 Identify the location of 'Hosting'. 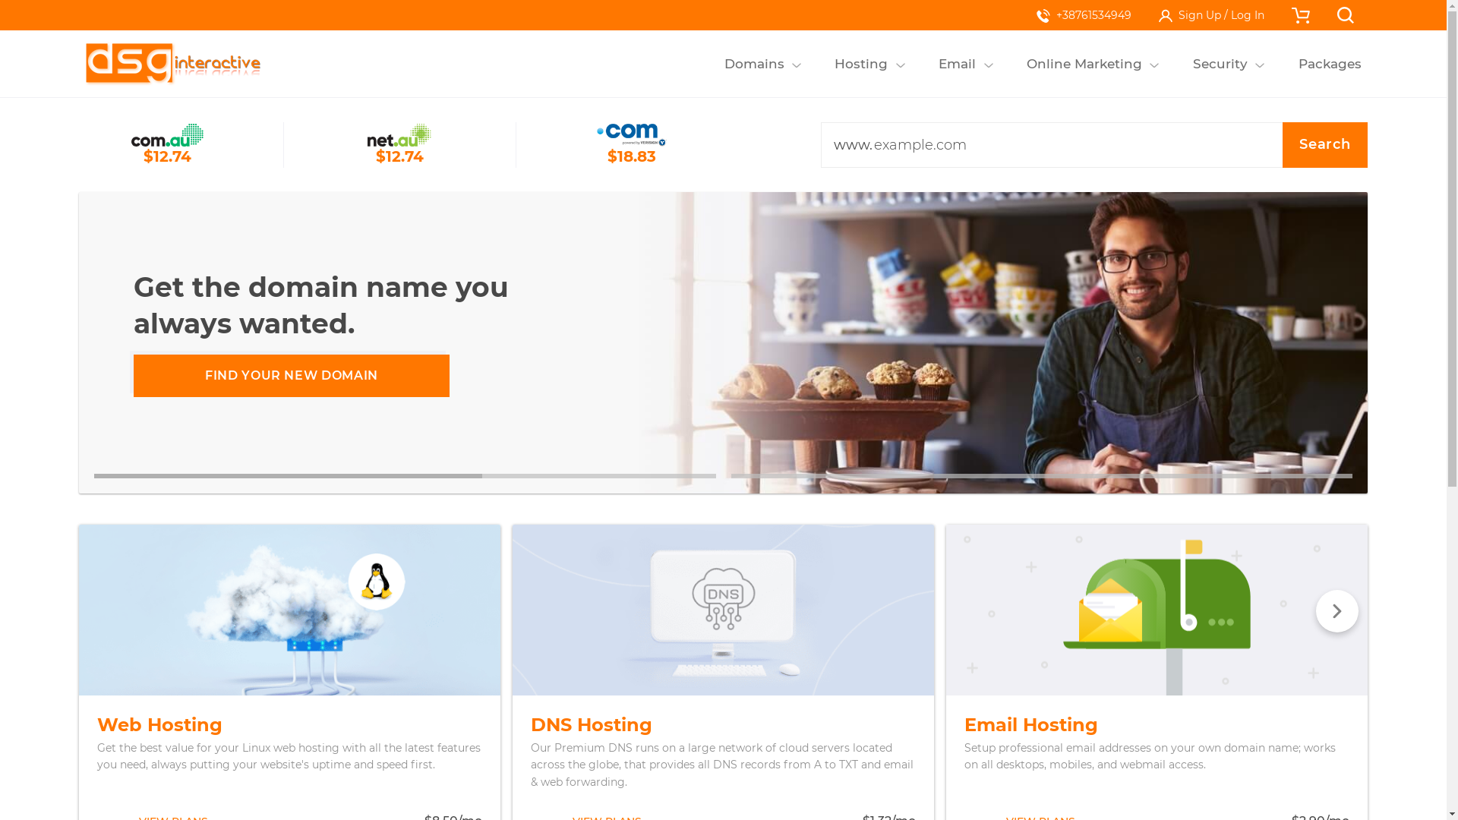
(827, 63).